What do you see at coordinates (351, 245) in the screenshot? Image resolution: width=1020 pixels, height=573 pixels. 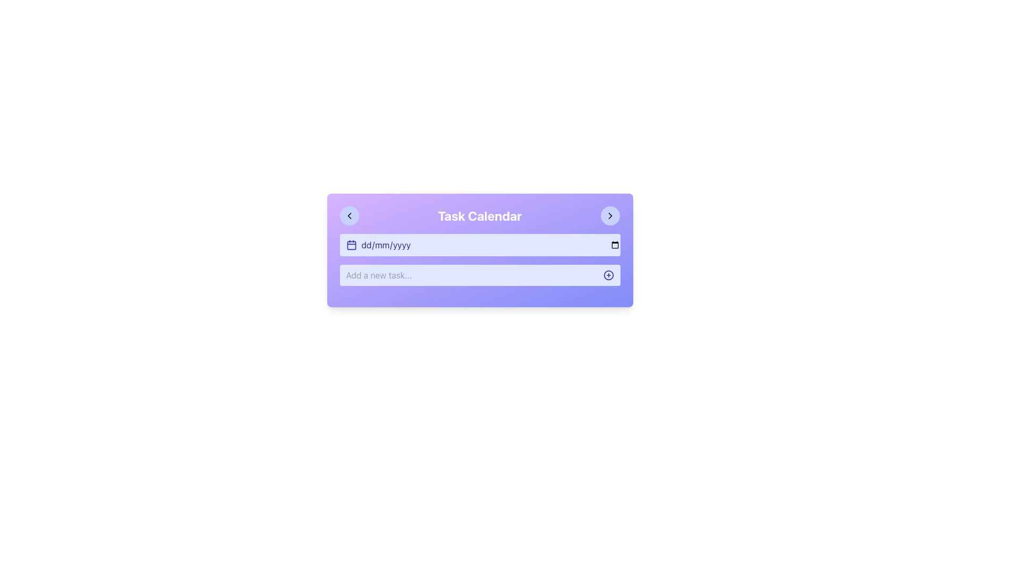 I see `the small indigo calendar icon located to the left of the date input field in the task calendar interface` at bounding box center [351, 245].